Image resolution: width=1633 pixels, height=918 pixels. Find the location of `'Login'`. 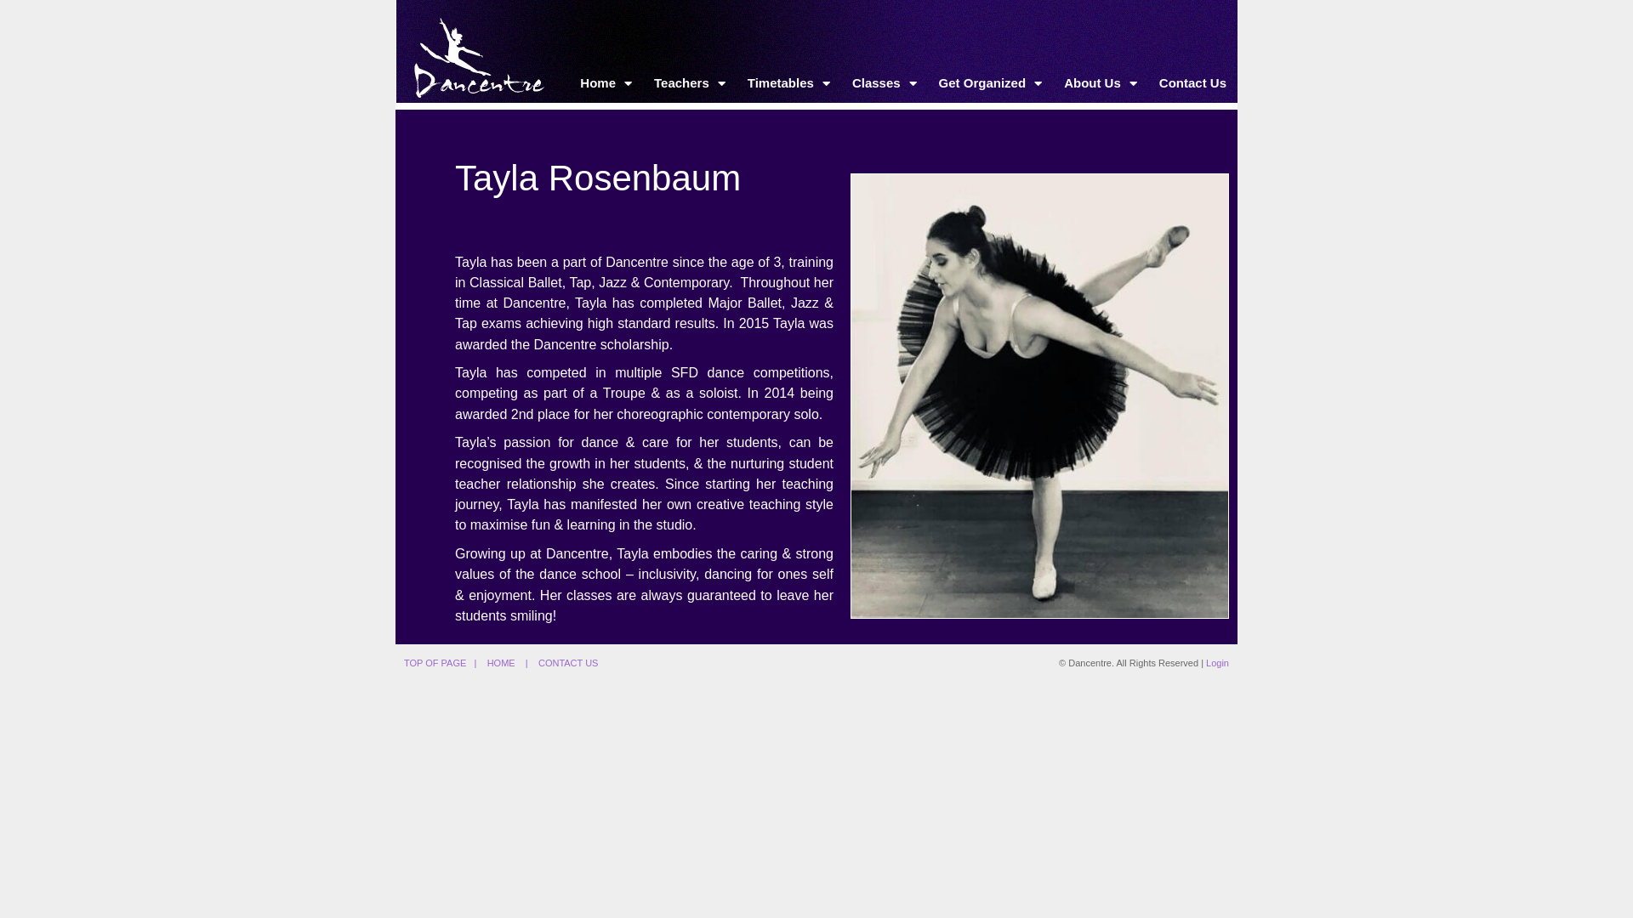

'Login' is located at coordinates (1216, 661).